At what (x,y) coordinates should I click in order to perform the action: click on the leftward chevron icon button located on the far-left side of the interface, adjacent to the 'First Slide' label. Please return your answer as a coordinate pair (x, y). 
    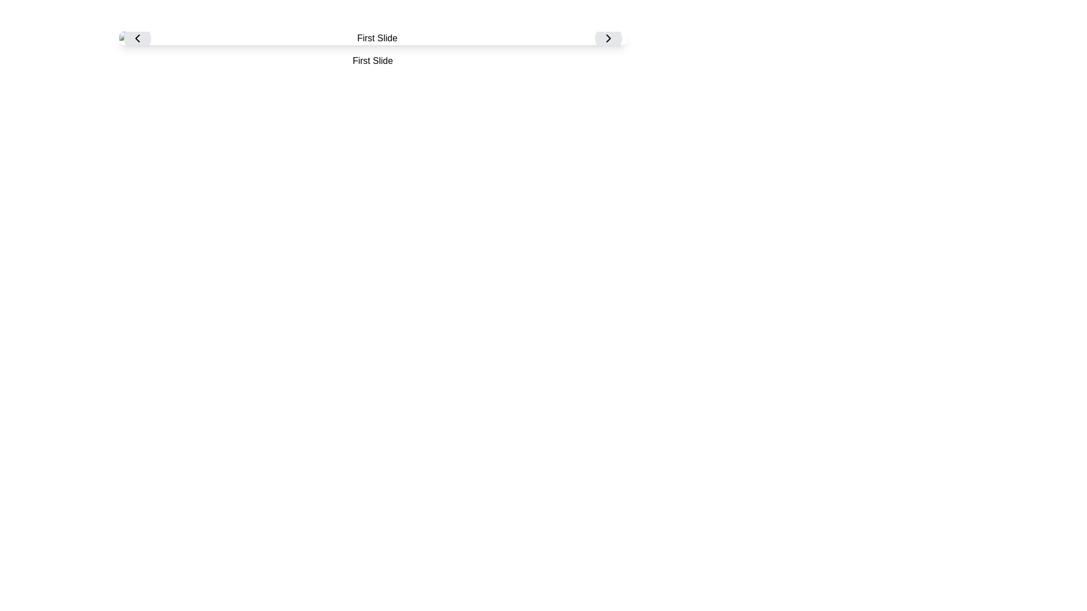
    Looking at the image, I should click on (136, 38).